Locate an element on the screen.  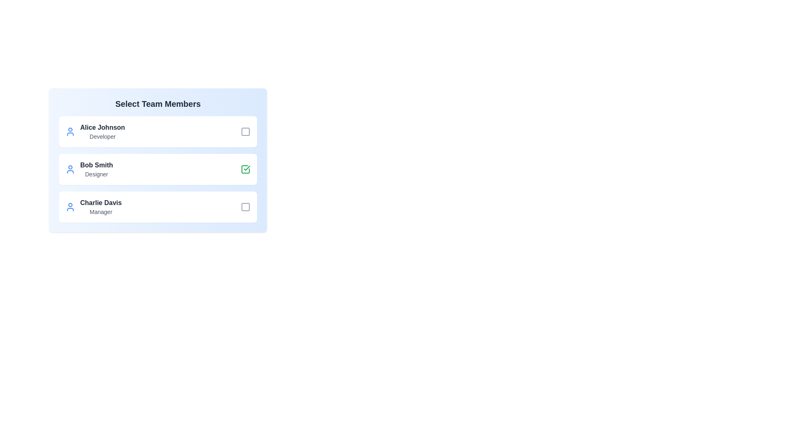
the icon associated with the team member to view its details is located at coordinates (70, 131).